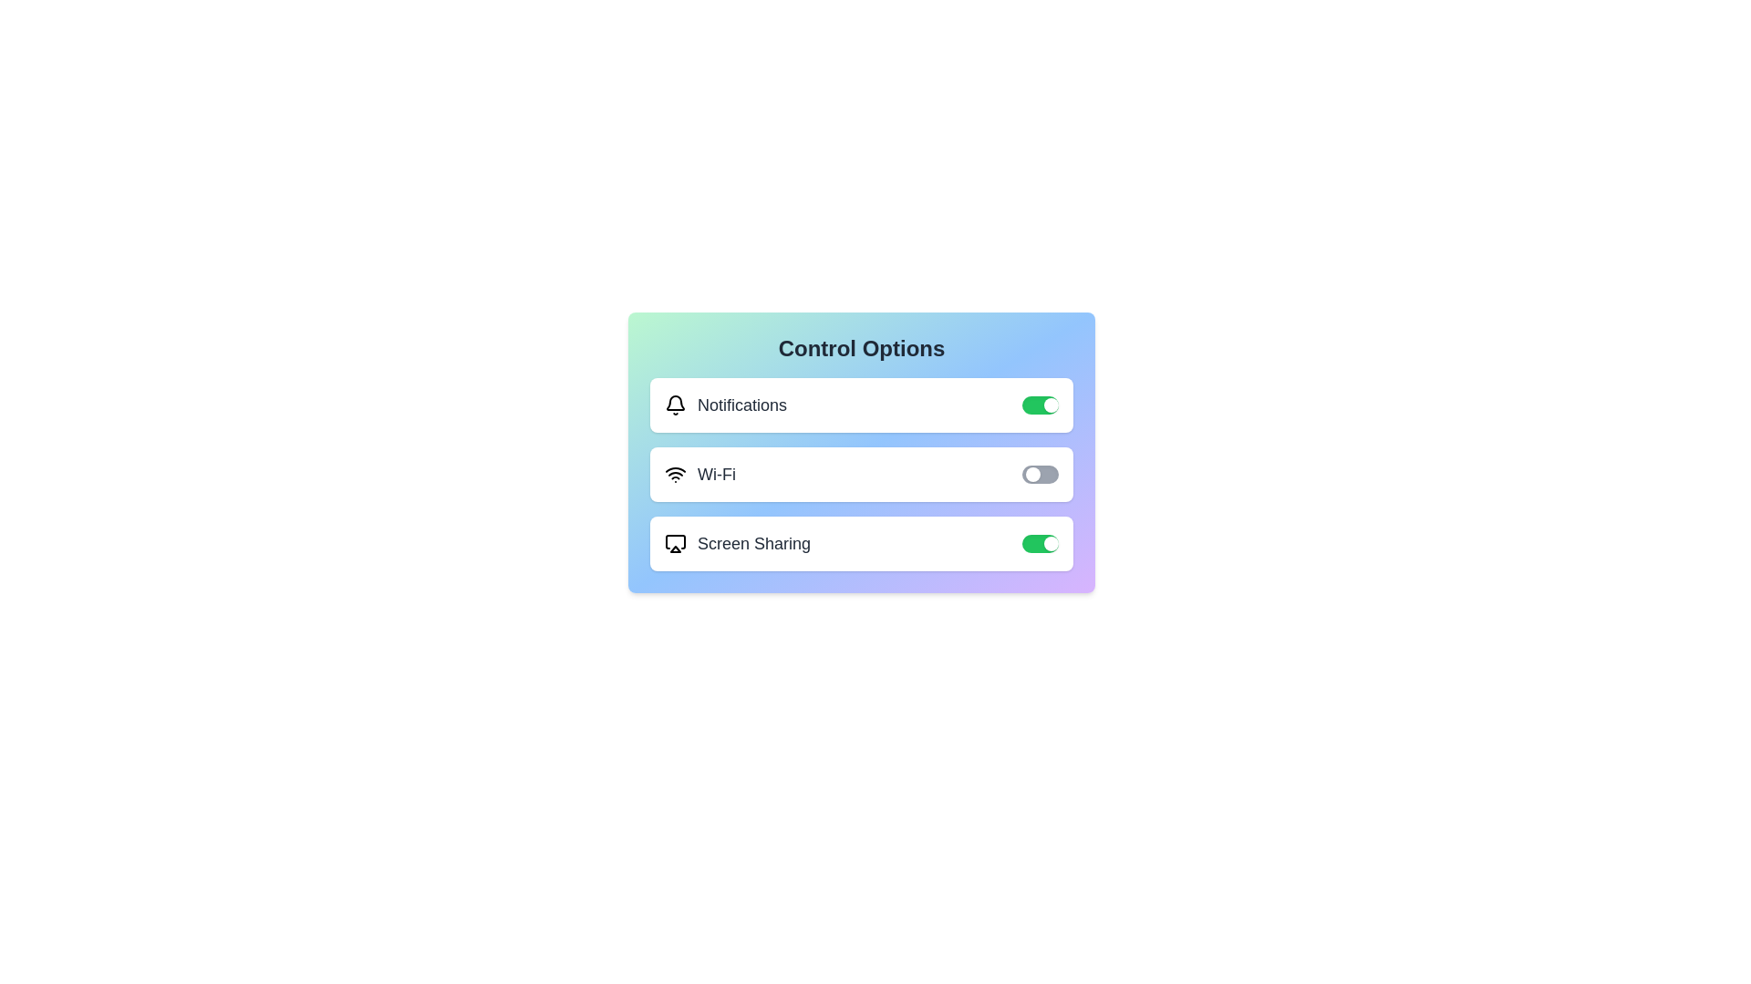 The height and width of the screenshot is (984, 1751). Describe the element at coordinates (1041, 473) in the screenshot. I see `the switch corresponding to Wi-Fi` at that location.